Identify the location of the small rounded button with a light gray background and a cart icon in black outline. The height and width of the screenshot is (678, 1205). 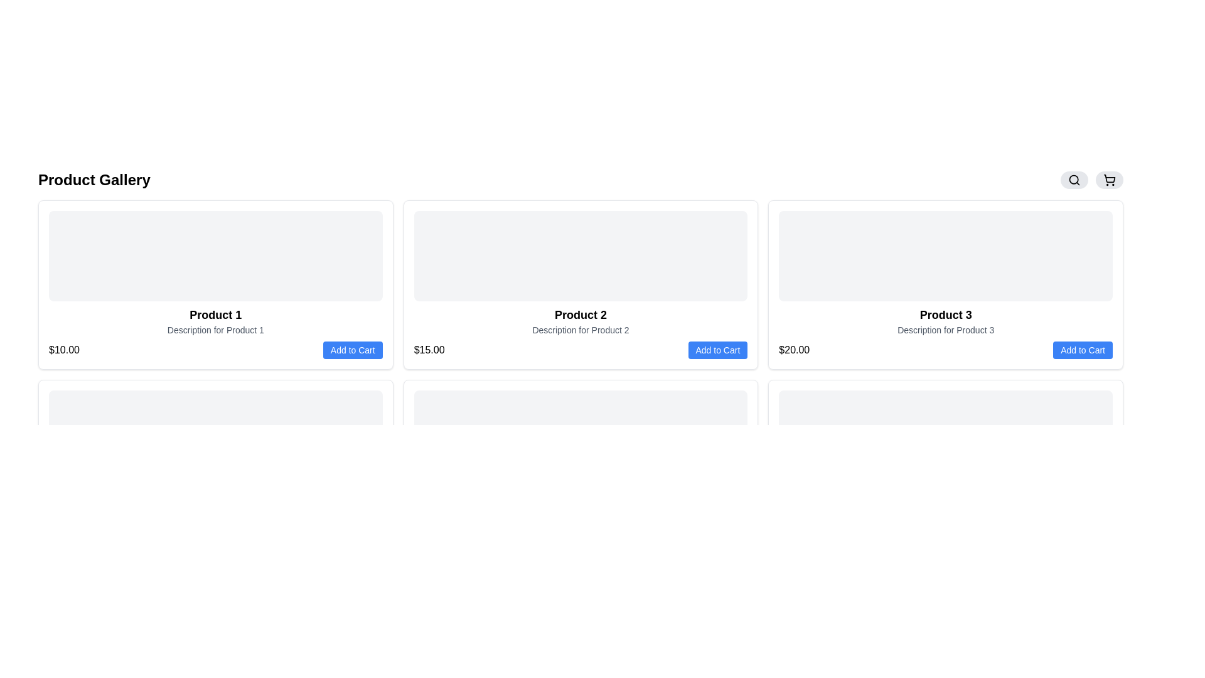
(1109, 180).